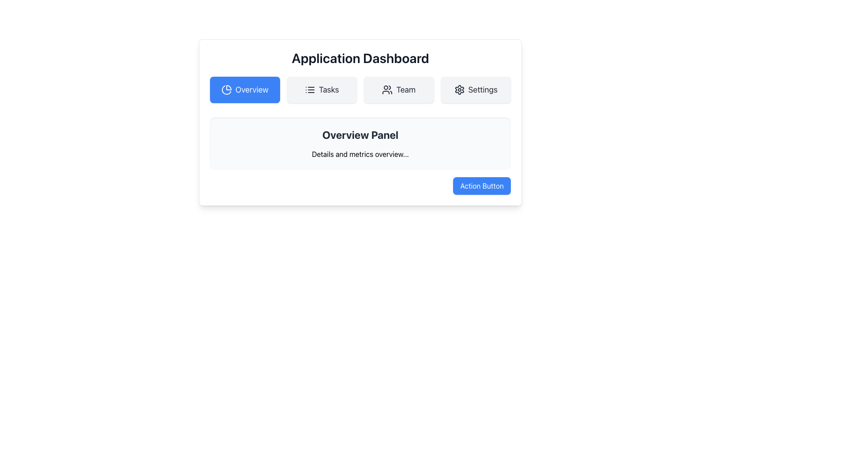  What do you see at coordinates (475, 90) in the screenshot?
I see `the 'Settings' button, which is a rectangular button with a light gray background and a gear icon` at bounding box center [475, 90].